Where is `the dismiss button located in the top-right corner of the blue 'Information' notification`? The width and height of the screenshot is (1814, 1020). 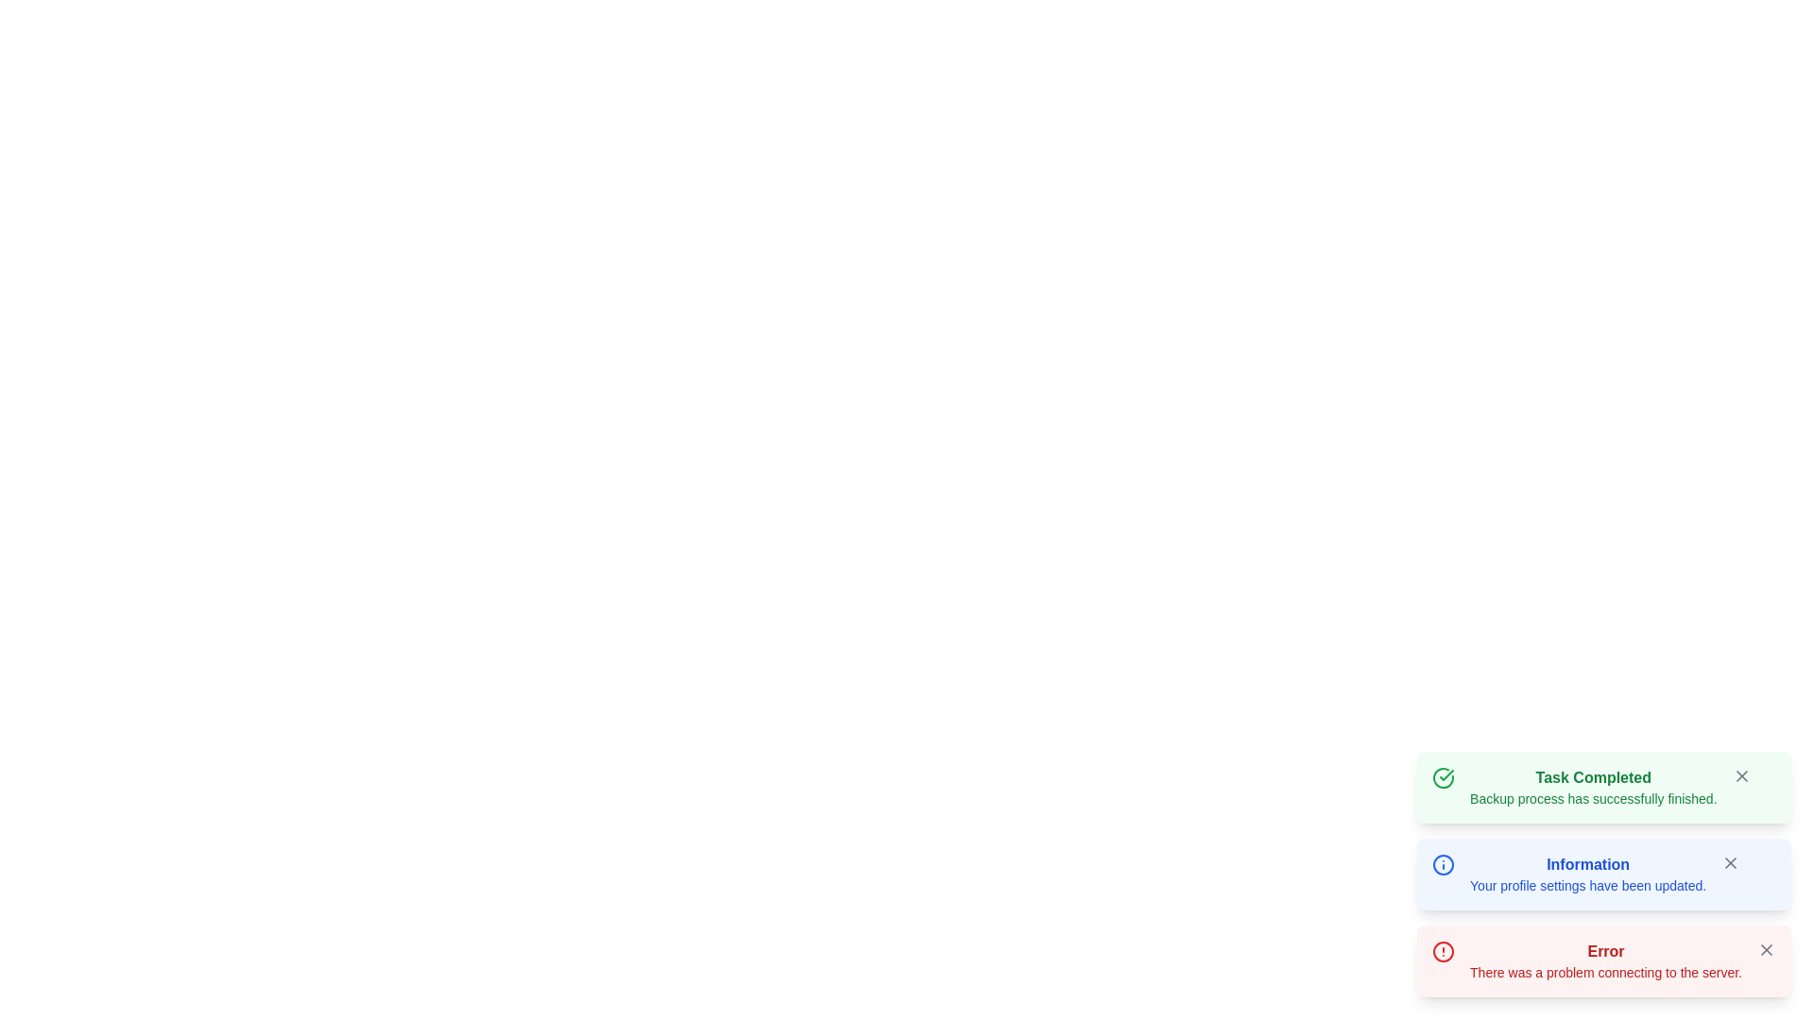 the dismiss button located in the top-right corner of the blue 'Information' notification is located at coordinates (1731, 863).